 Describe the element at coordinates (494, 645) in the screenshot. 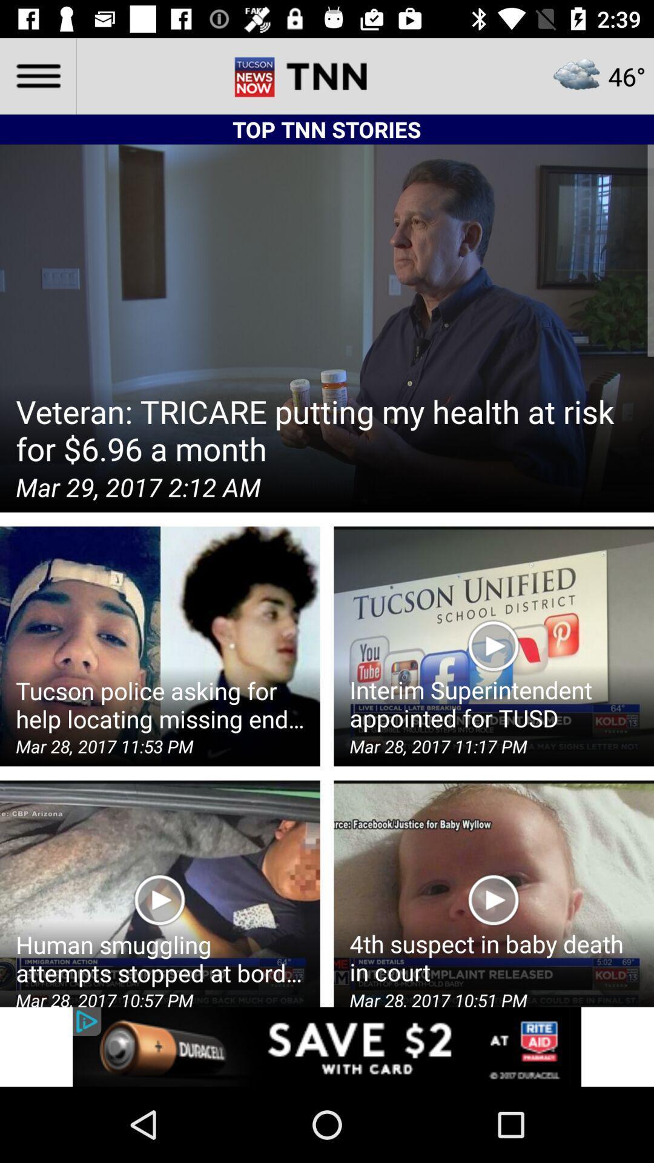

I see `second video in second row from right side` at that location.